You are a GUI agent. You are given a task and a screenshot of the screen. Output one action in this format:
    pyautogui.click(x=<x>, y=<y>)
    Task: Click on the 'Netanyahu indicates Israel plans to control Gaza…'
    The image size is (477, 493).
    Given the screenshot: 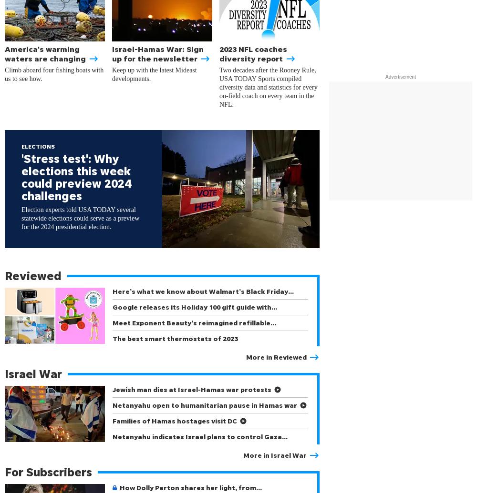 What is the action you would take?
    pyautogui.click(x=200, y=436)
    